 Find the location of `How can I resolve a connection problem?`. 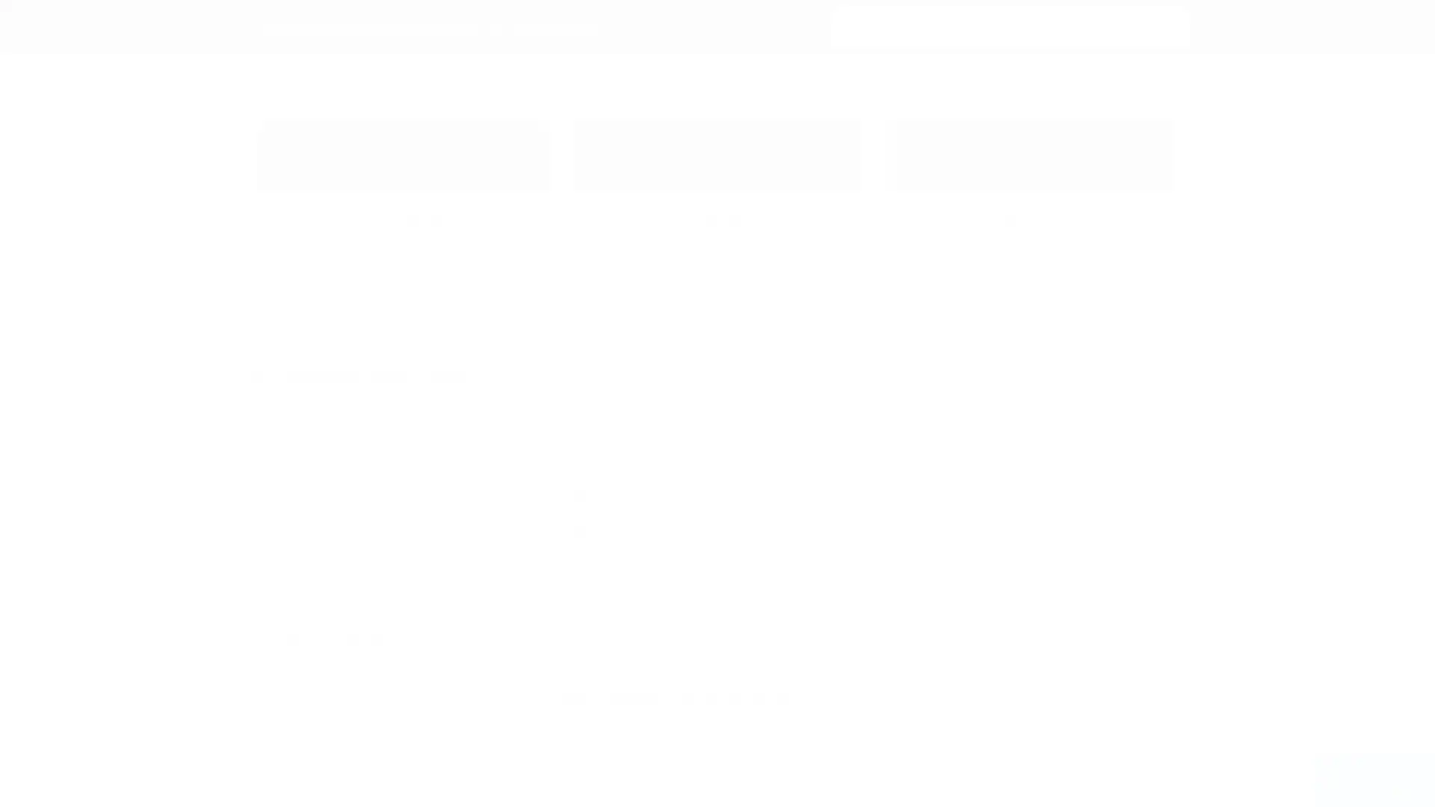

How can I resolve a connection problem? is located at coordinates (667, 465).